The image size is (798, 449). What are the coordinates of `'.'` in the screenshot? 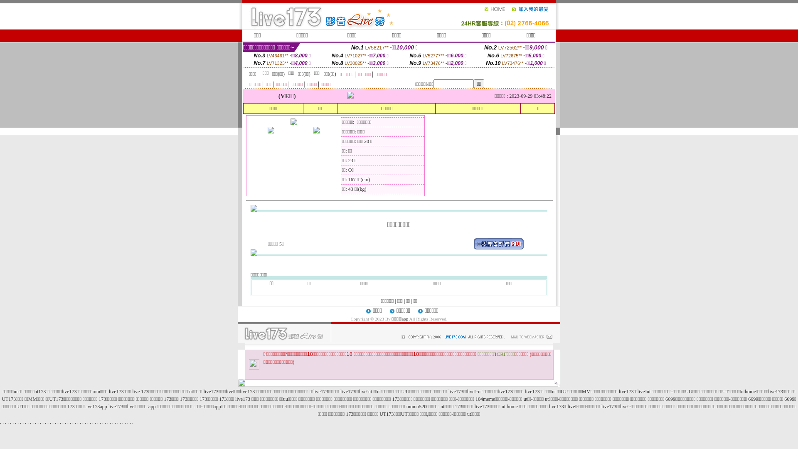 It's located at (52, 422).